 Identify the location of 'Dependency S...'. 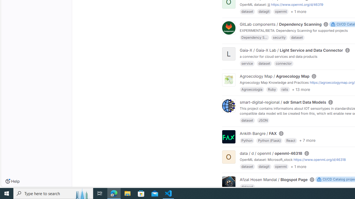
(254, 37).